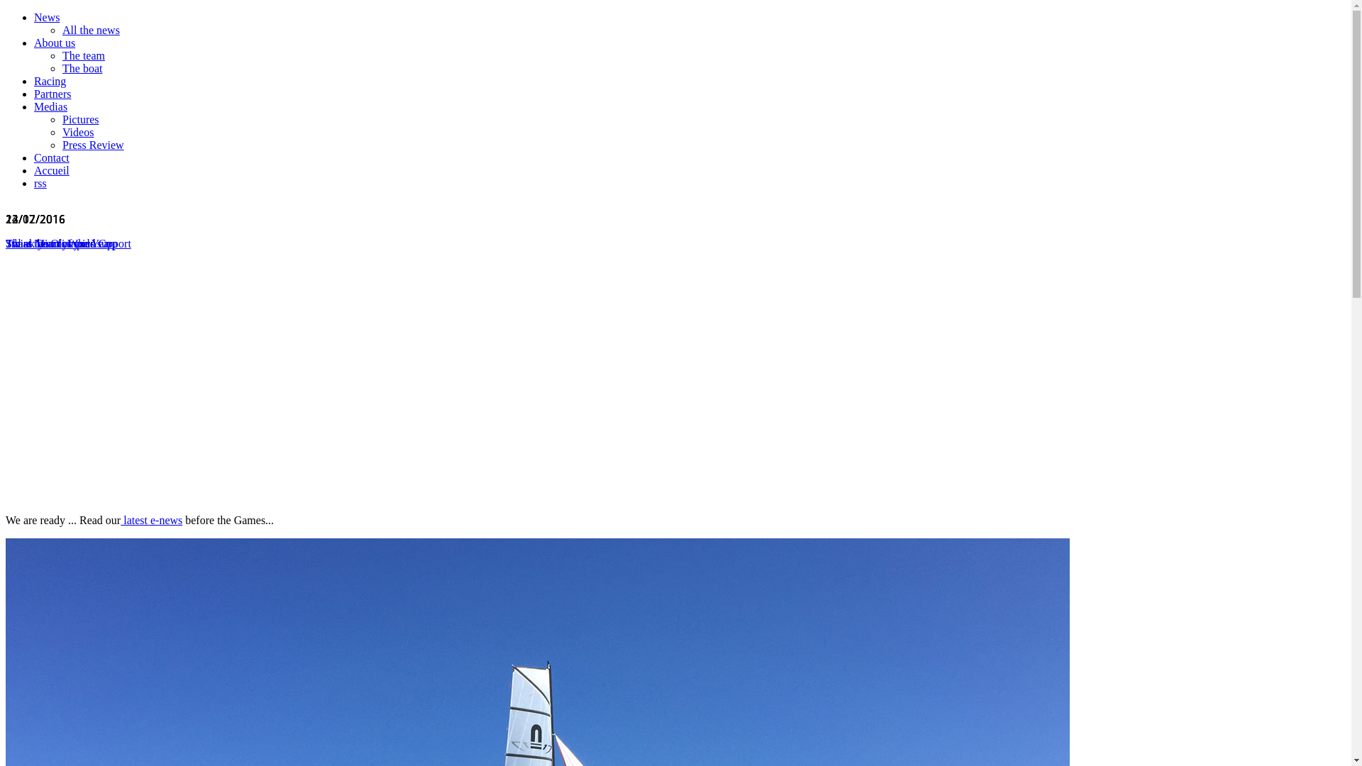 This screenshot has height=766, width=1362. I want to click on 'All the news', so click(61, 30).